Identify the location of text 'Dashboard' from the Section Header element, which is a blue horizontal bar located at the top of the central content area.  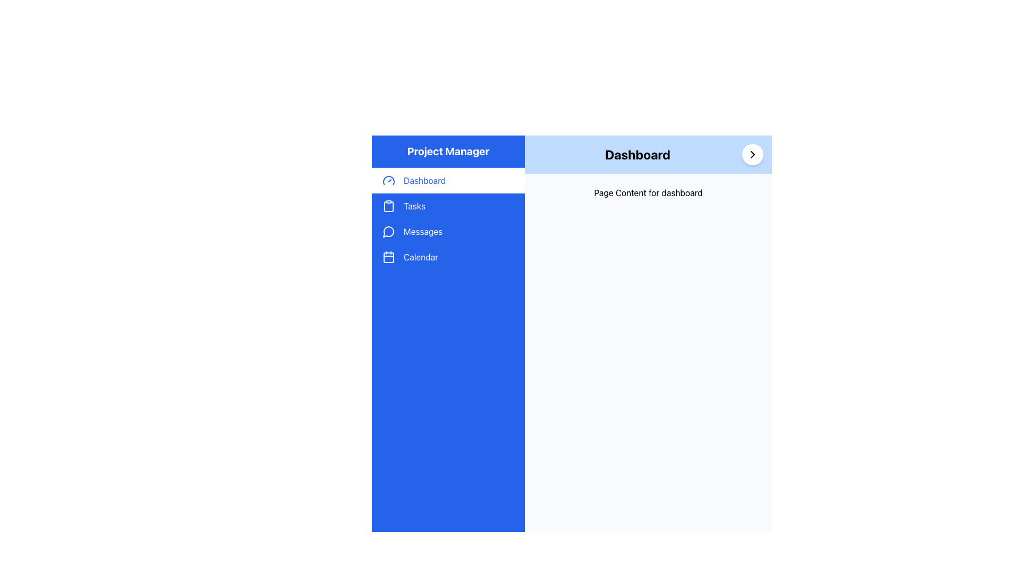
(648, 154).